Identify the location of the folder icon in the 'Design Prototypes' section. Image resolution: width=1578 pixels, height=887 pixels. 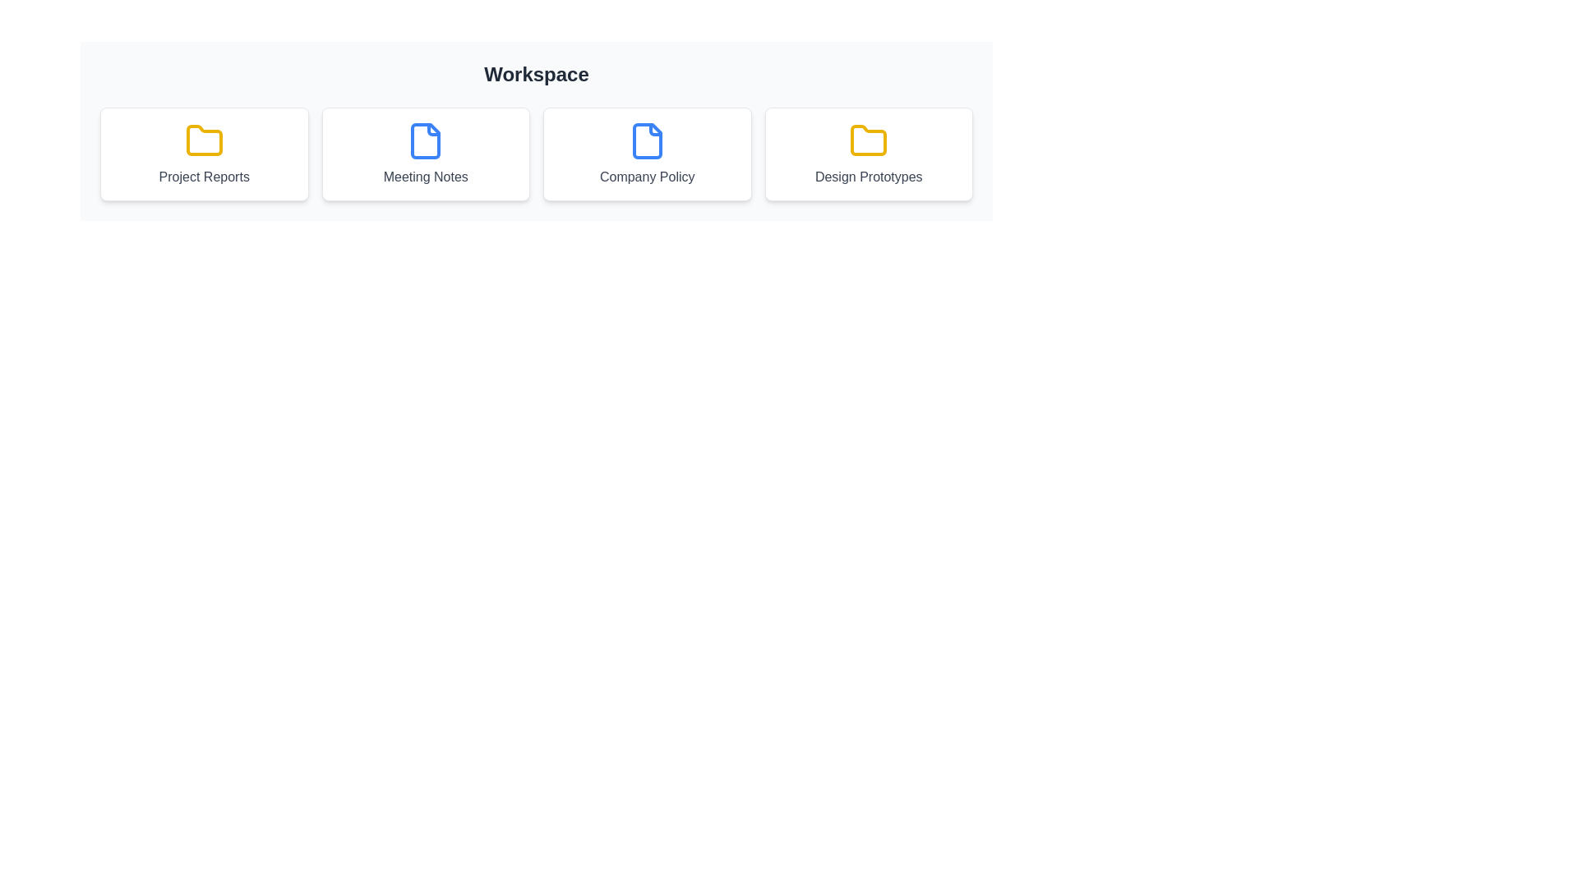
(868, 139).